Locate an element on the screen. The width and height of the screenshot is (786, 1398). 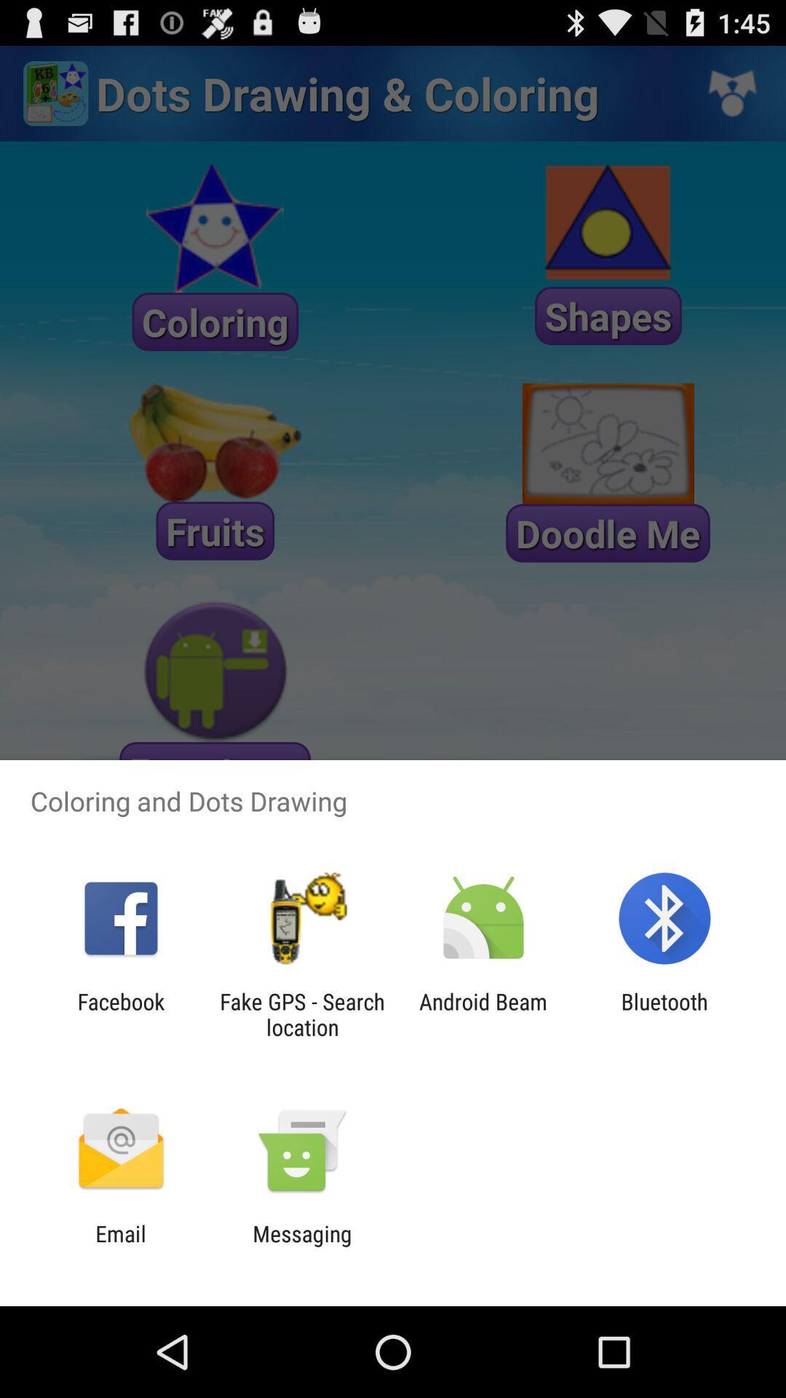
the app to the right of email icon is located at coordinates (301, 1246).